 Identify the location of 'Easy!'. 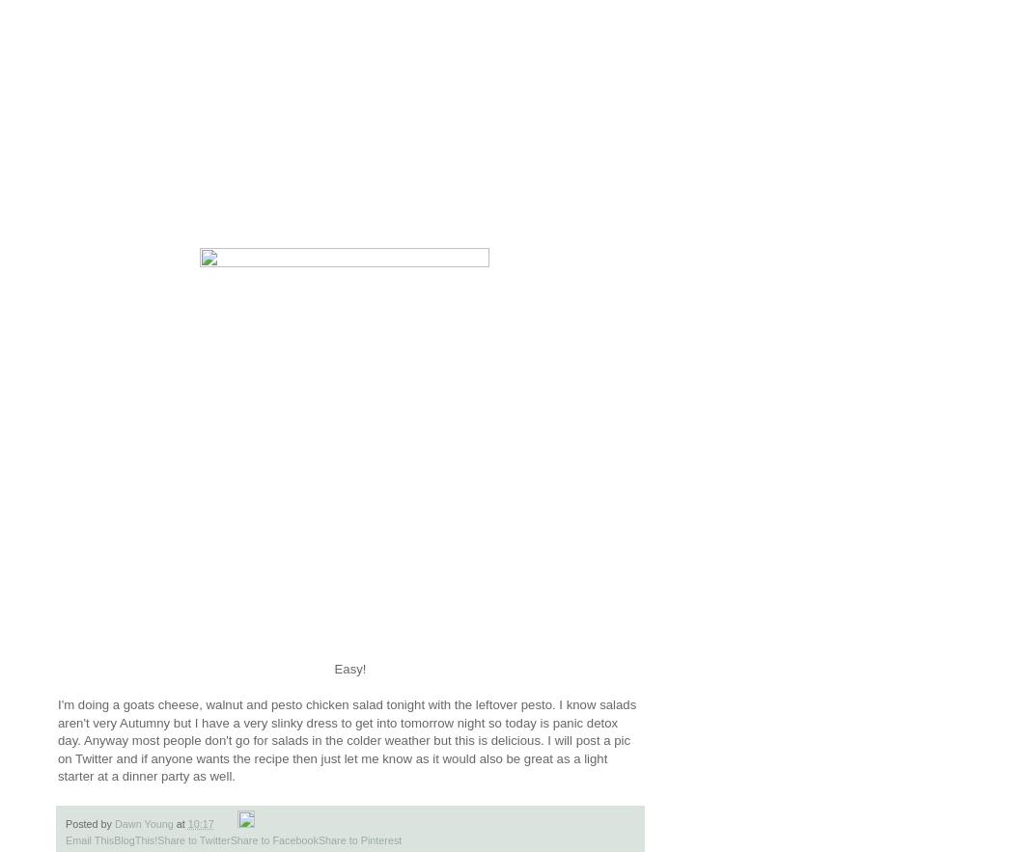
(348, 669).